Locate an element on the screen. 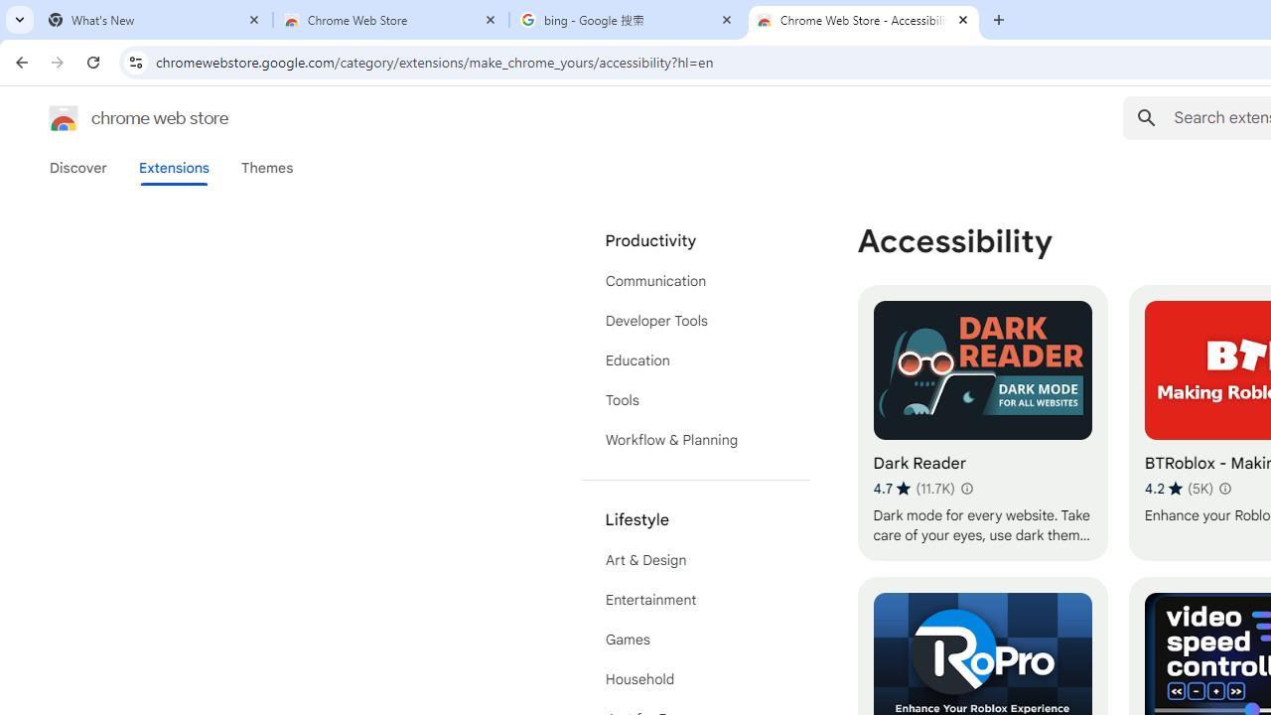 The width and height of the screenshot is (1271, 715). 'Themes' is located at coordinates (266, 167).